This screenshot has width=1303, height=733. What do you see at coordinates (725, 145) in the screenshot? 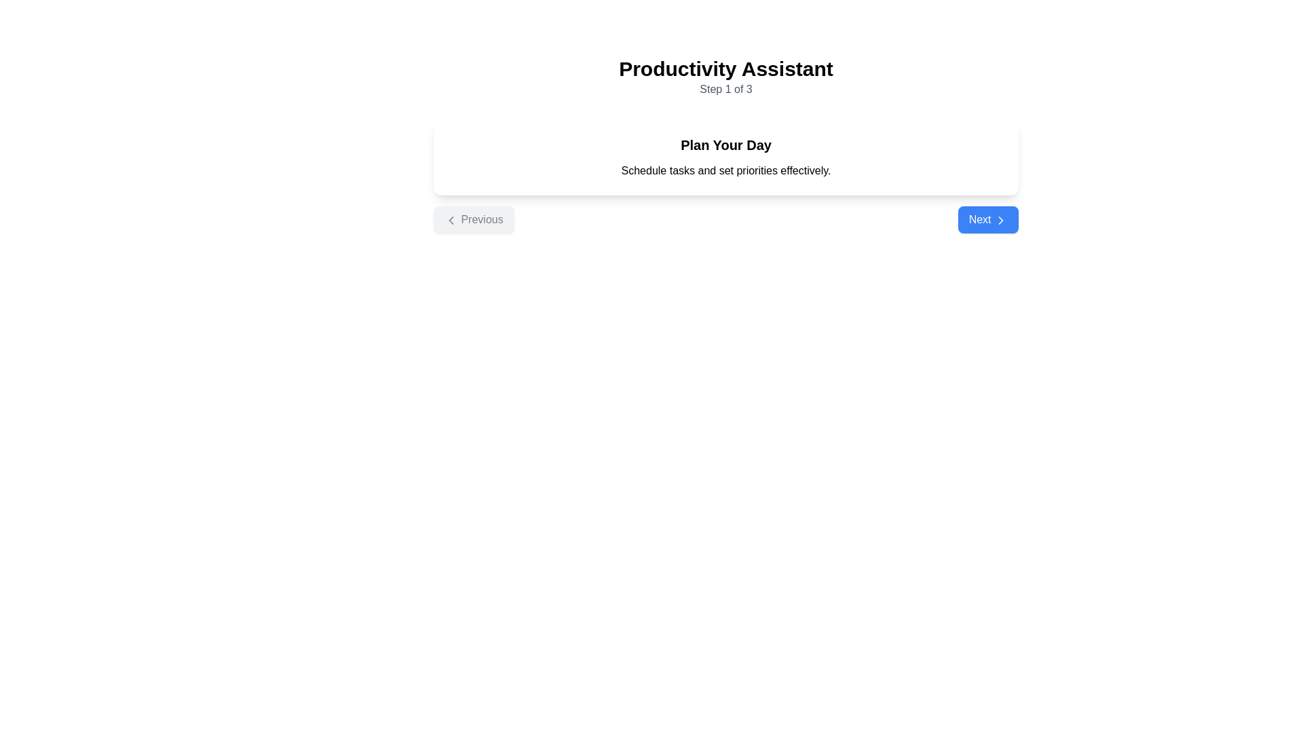
I see `the Informational block with the text 'Plan Your Day' which features a structured layout with a white background and black text, positioned centrally below the title 'Productivity Assistant Step 1 of 3'` at bounding box center [725, 145].